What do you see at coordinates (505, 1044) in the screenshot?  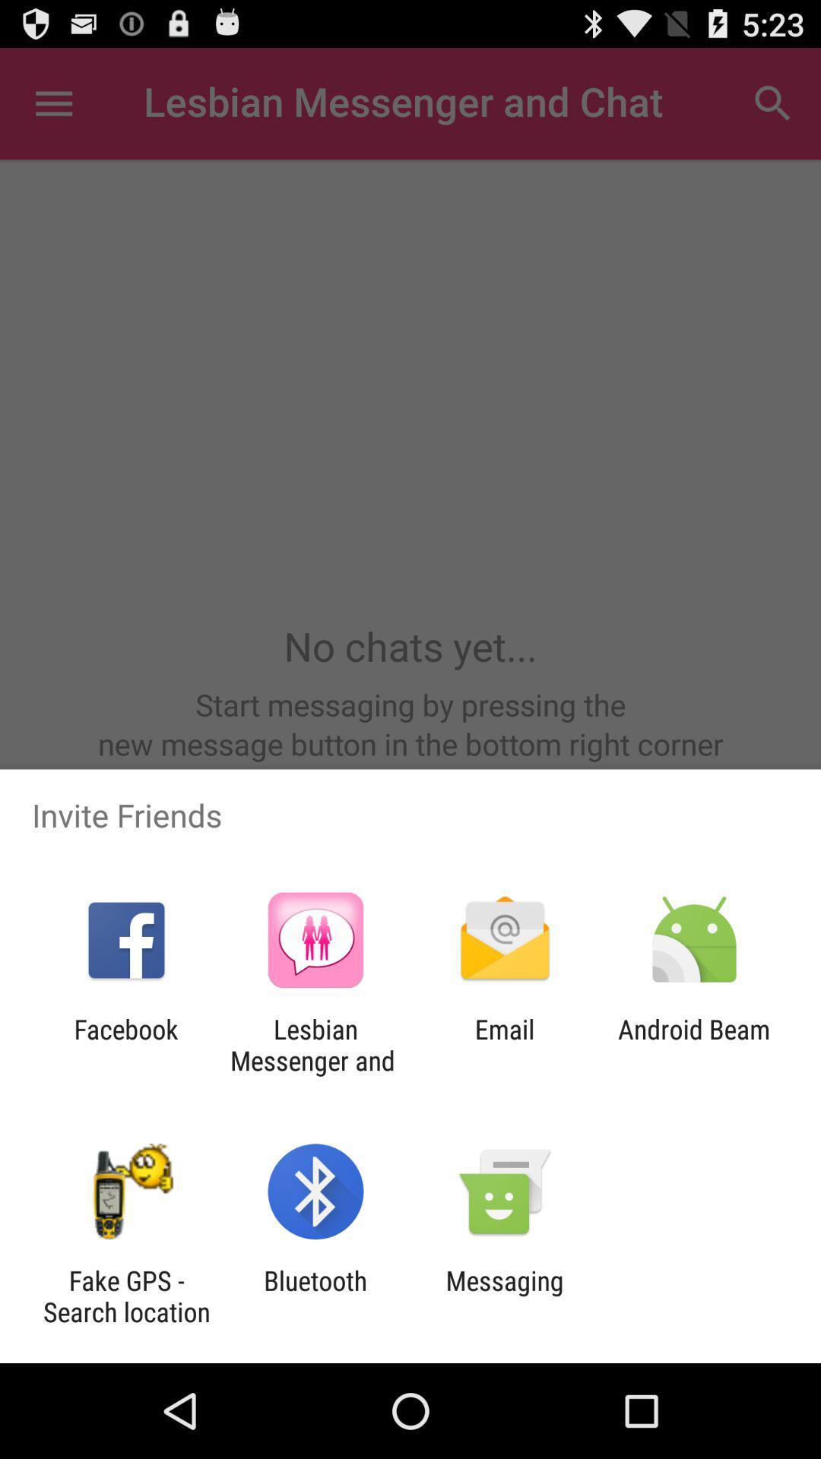 I see `email item` at bounding box center [505, 1044].